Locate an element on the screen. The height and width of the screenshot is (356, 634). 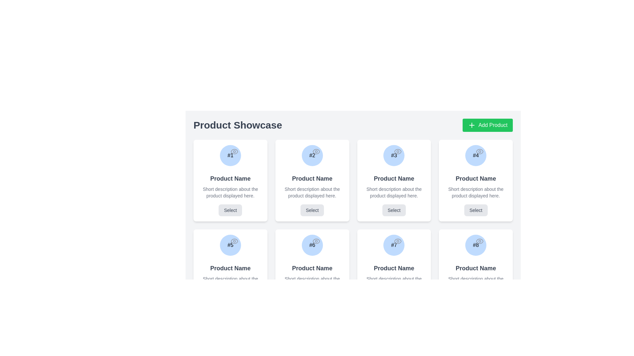
the circular Visual Badge with a light blue background and the text '#8' in the bottom-right position of the grid layout is located at coordinates (476, 245).